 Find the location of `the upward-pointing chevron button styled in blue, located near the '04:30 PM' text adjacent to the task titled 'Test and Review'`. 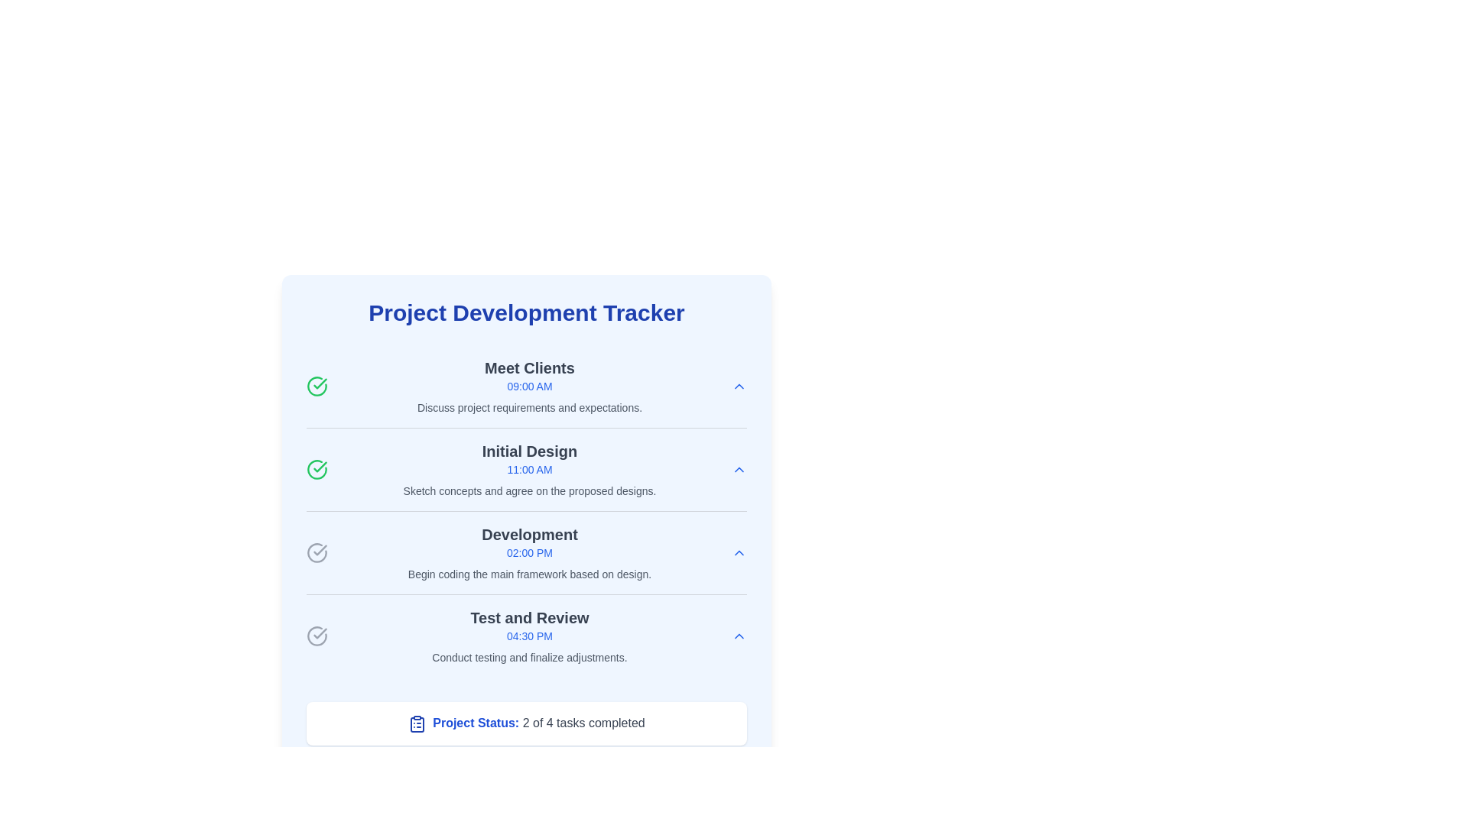

the upward-pointing chevron button styled in blue, located near the '04:30 PM' text adjacent to the task titled 'Test and Review' is located at coordinates (739, 636).